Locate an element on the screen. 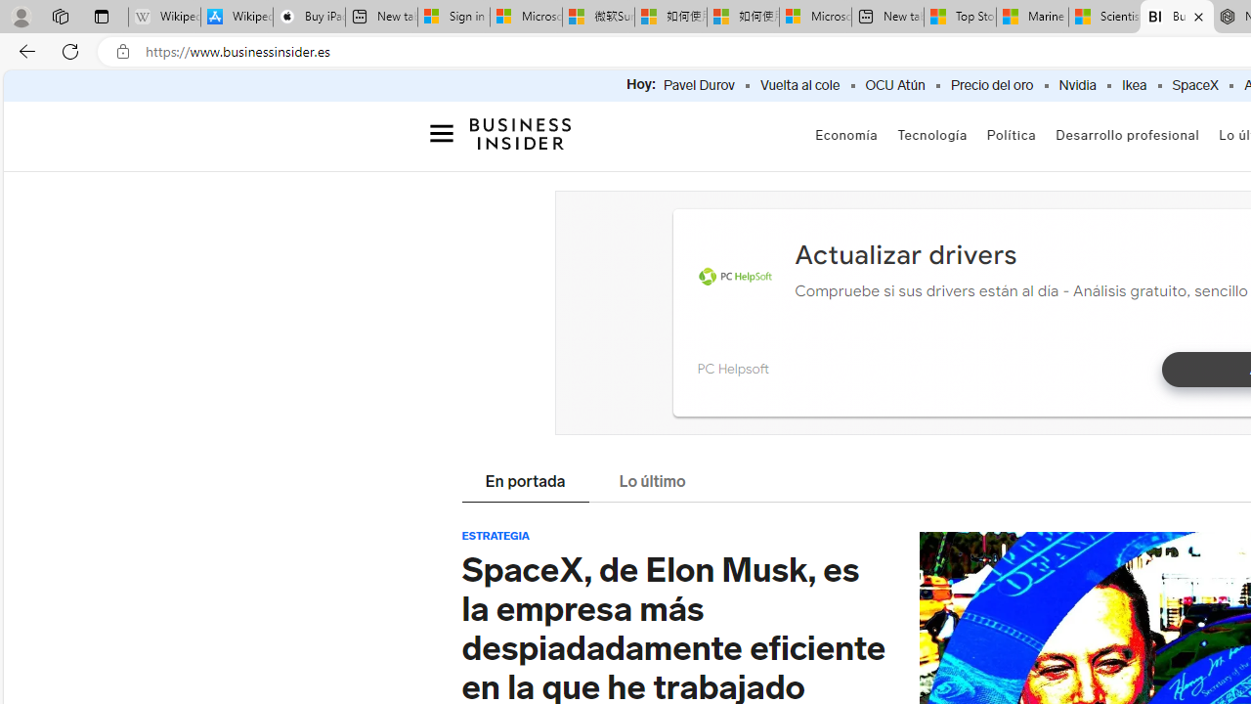  'Wikipedia - Sleeping' is located at coordinates (164, 17).